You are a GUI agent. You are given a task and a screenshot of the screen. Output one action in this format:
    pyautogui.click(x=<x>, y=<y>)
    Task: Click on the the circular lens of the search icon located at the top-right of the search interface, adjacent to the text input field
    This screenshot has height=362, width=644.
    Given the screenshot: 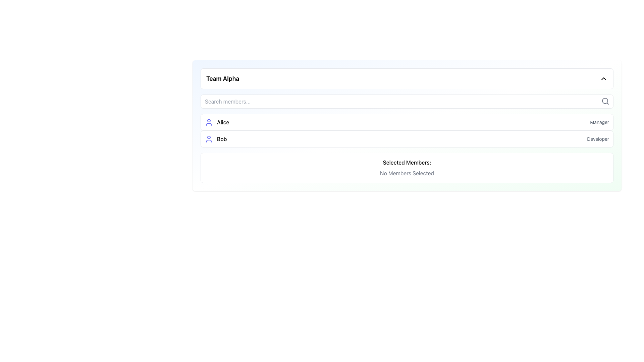 What is the action you would take?
    pyautogui.click(x=605, y=101)
    